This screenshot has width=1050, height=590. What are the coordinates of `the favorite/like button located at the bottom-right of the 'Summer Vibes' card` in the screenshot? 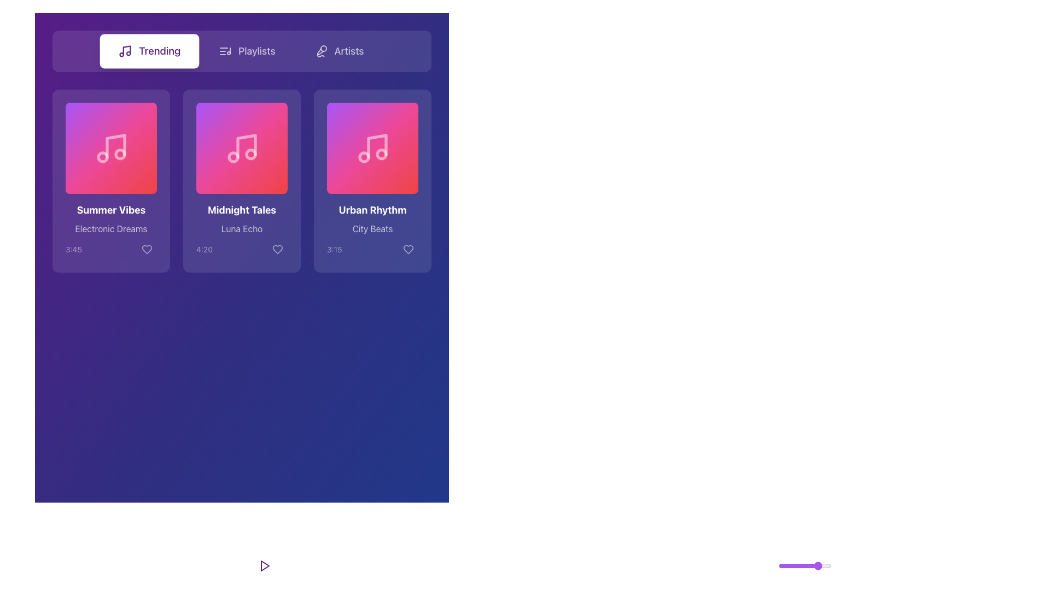 It's located at (146, 249).